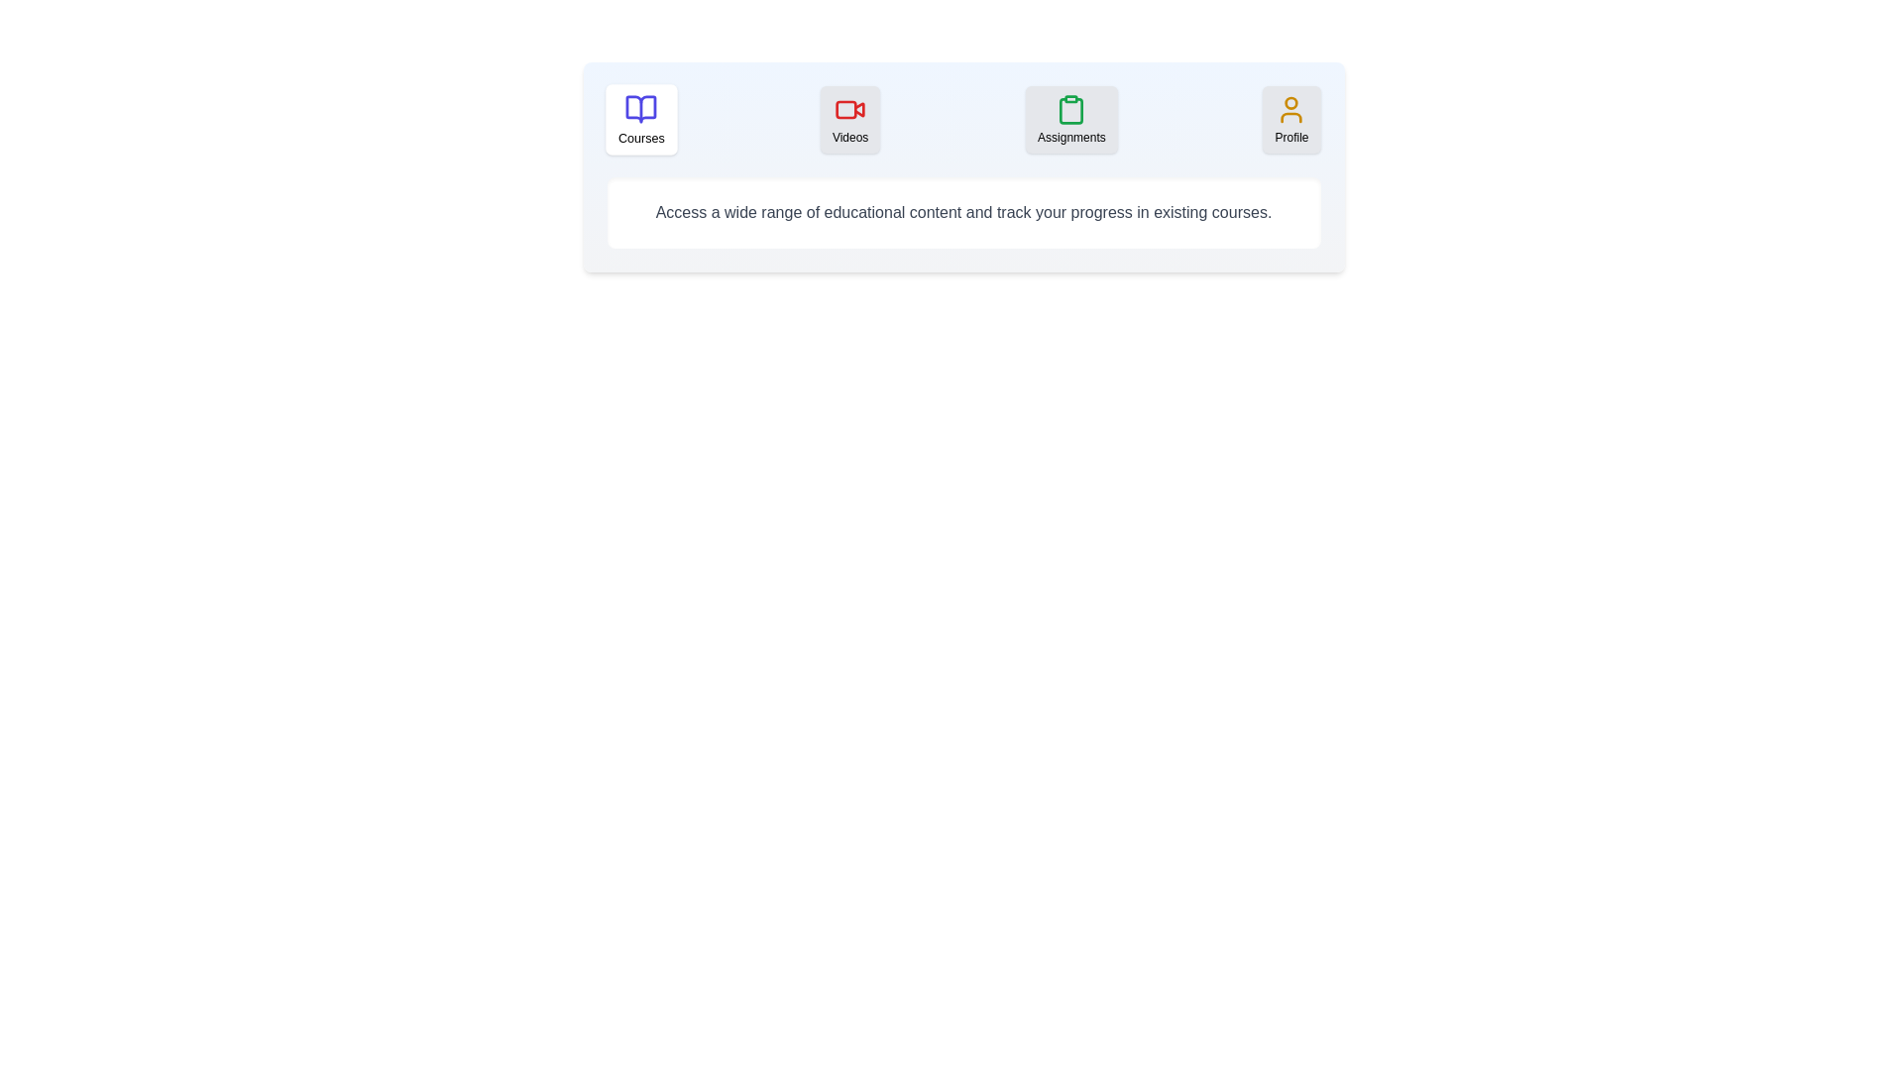  I want to click on the tab labeled Courses to observe its hover effect, so click(640, 119).